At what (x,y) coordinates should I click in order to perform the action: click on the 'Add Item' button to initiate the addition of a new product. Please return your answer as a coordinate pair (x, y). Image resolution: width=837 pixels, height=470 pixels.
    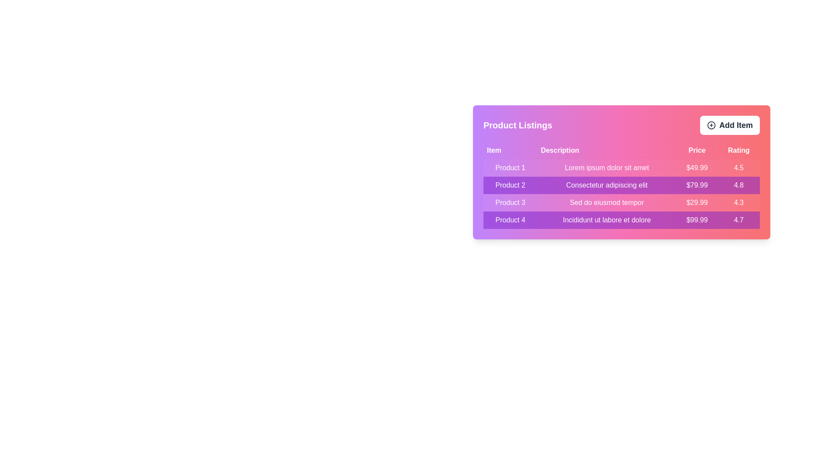
    Looking at the image, I should click on (730, 125).